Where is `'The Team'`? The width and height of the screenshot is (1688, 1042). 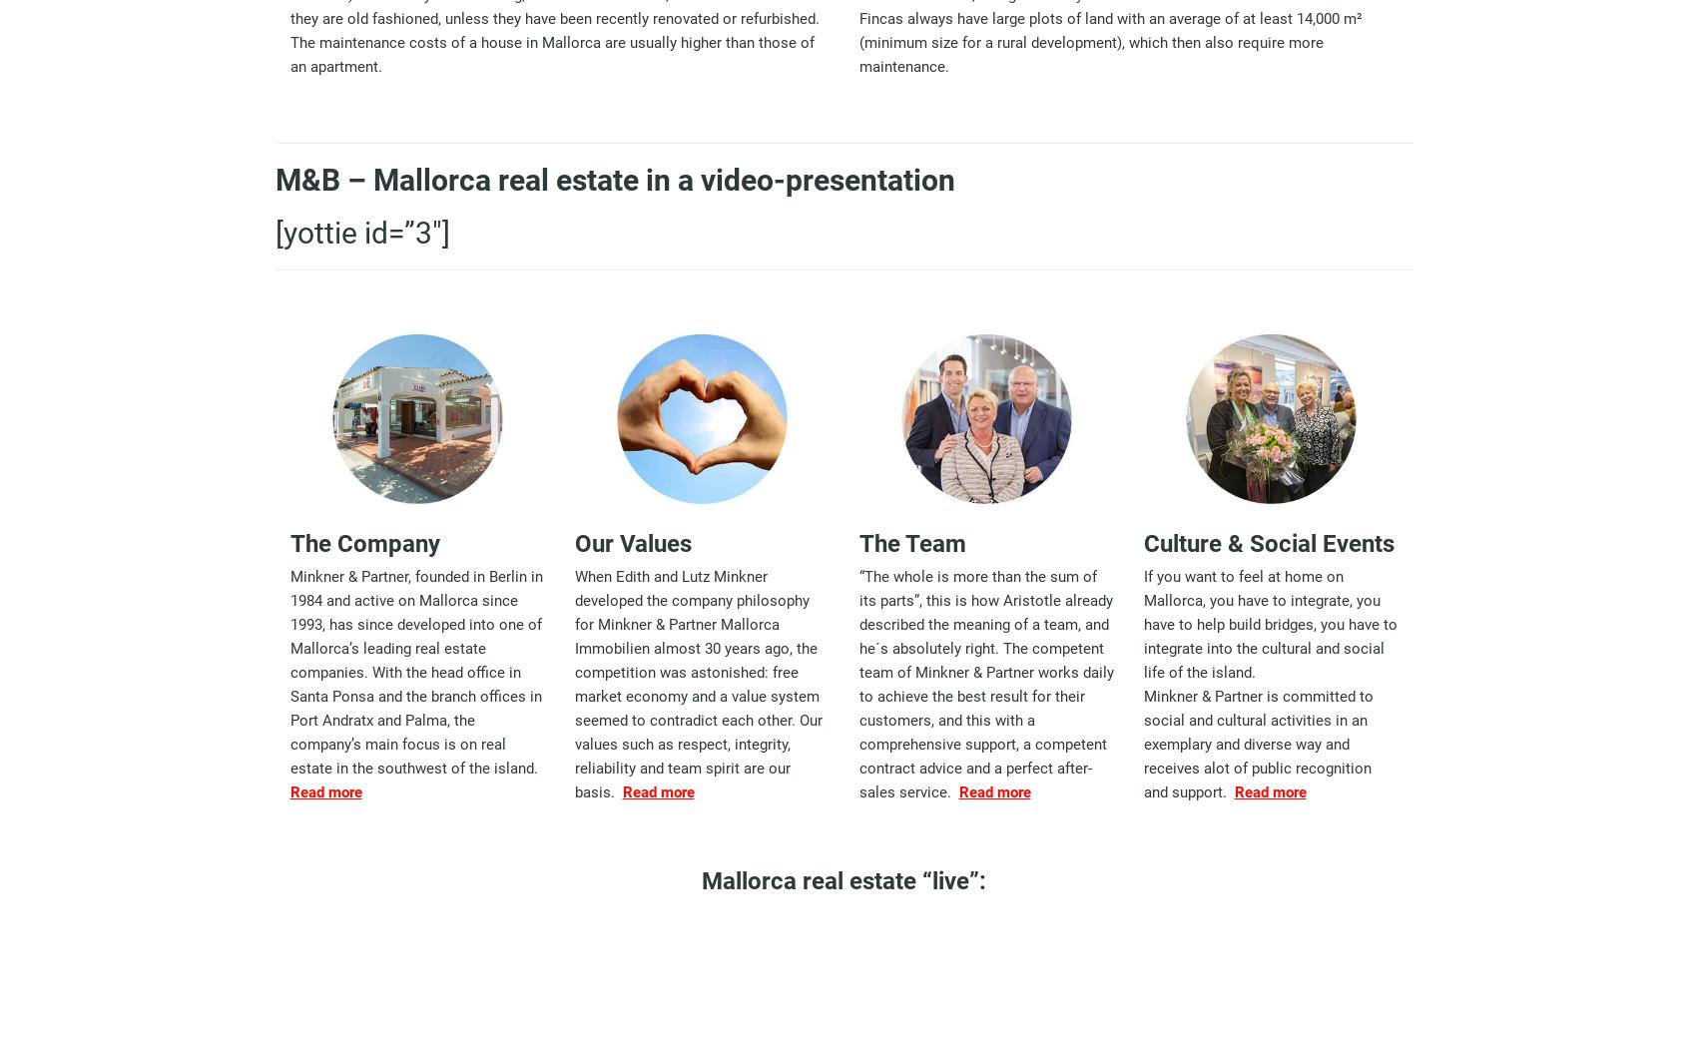
'The Team' is located at coordinates (911, 542).